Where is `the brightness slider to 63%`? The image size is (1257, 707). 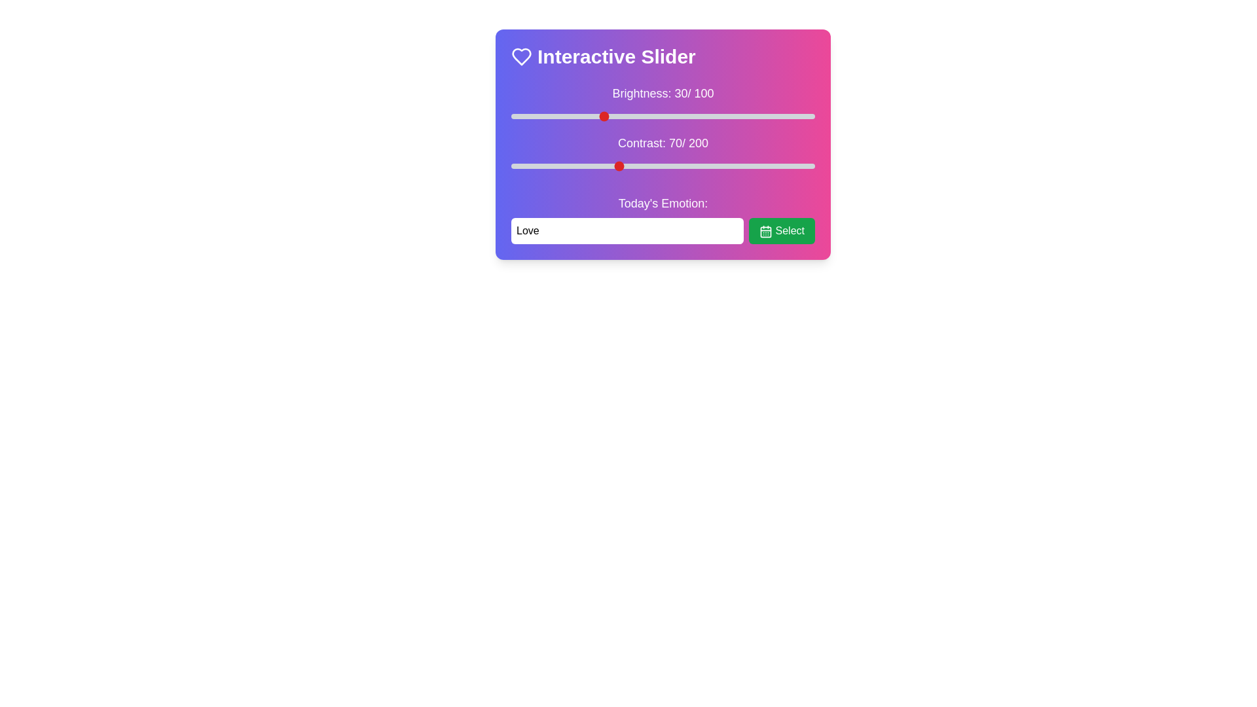 the brightness slider to 63% is located at coordinates (702, 115).